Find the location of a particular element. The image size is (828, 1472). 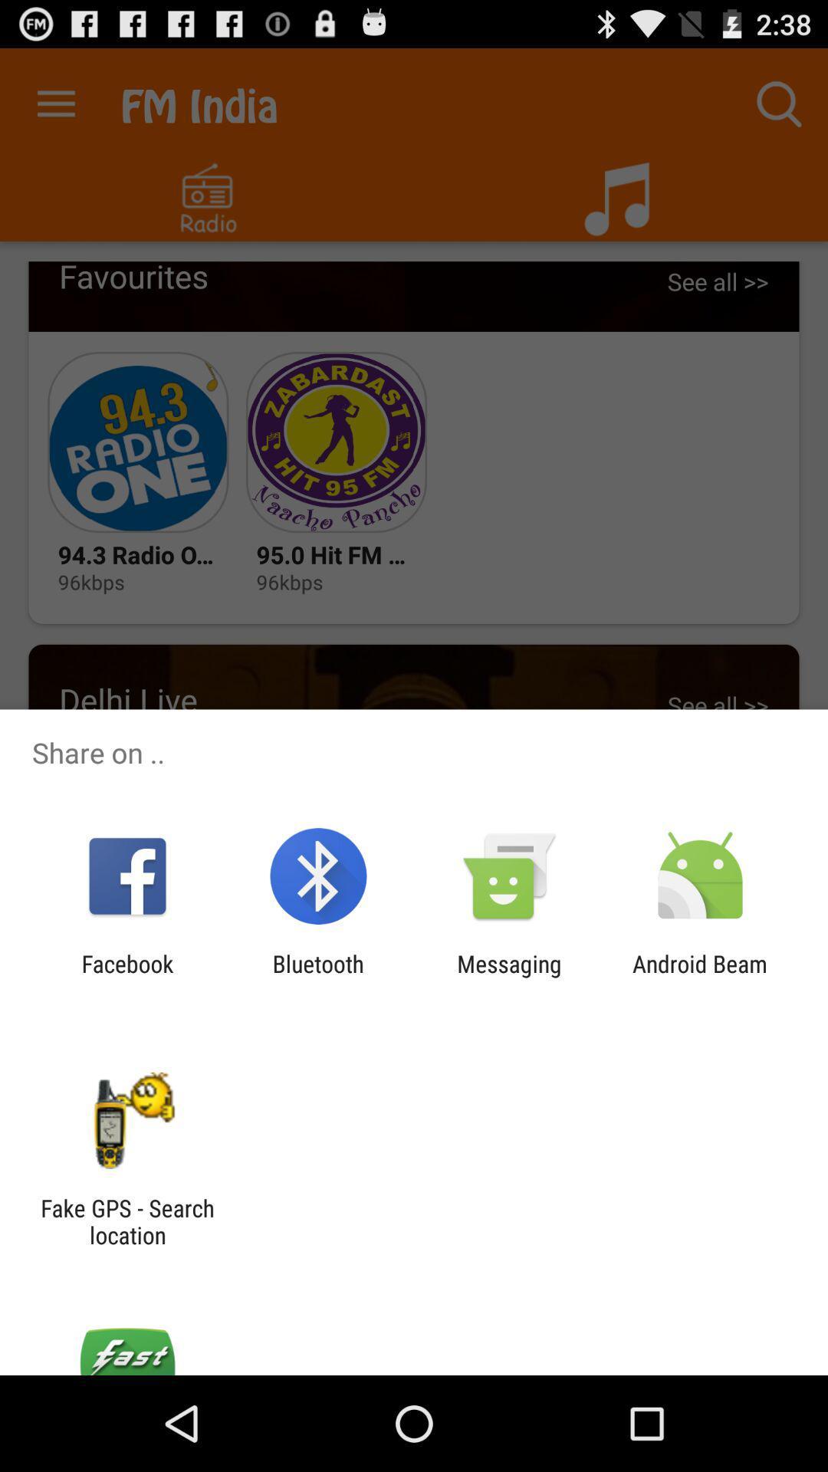

the icon next to the messaging item is located at coordinates (317, 977).